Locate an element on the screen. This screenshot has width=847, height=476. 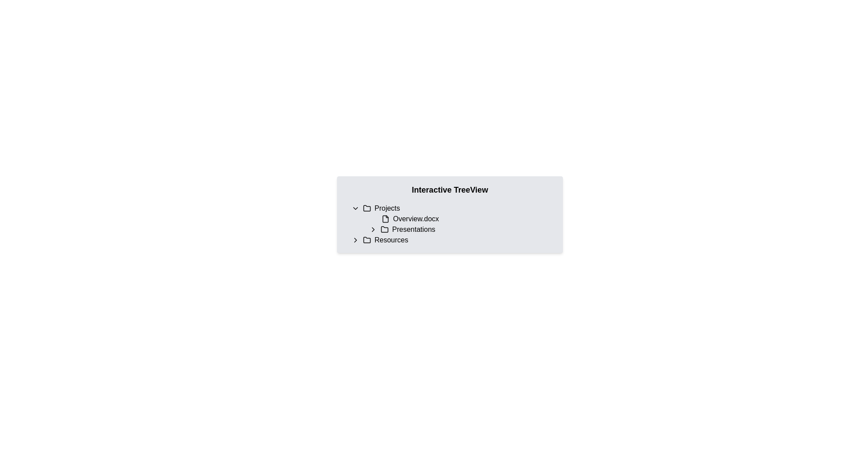
the folder icon, which is a minimalistic drawing outlined in a thin stroke, located between a chevron-down icon and the text 'Projects' is located at coordinates (367, 208).